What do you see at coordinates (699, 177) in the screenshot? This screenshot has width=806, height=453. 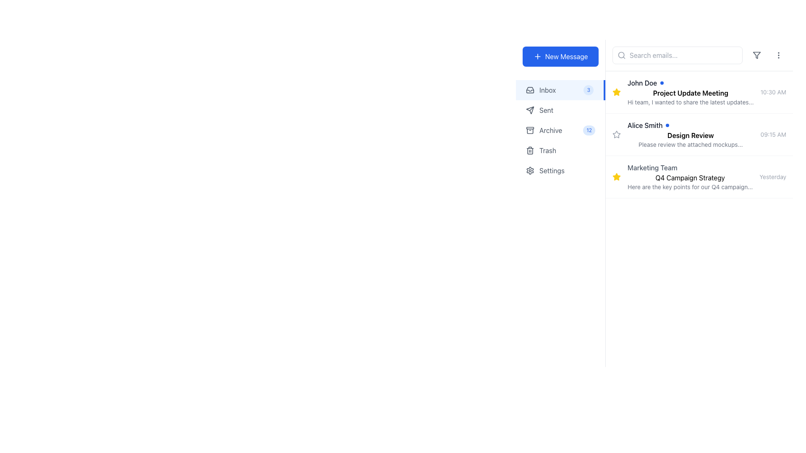 I see `the third email list item in the inbox interface` at bounding box center [699, 177].